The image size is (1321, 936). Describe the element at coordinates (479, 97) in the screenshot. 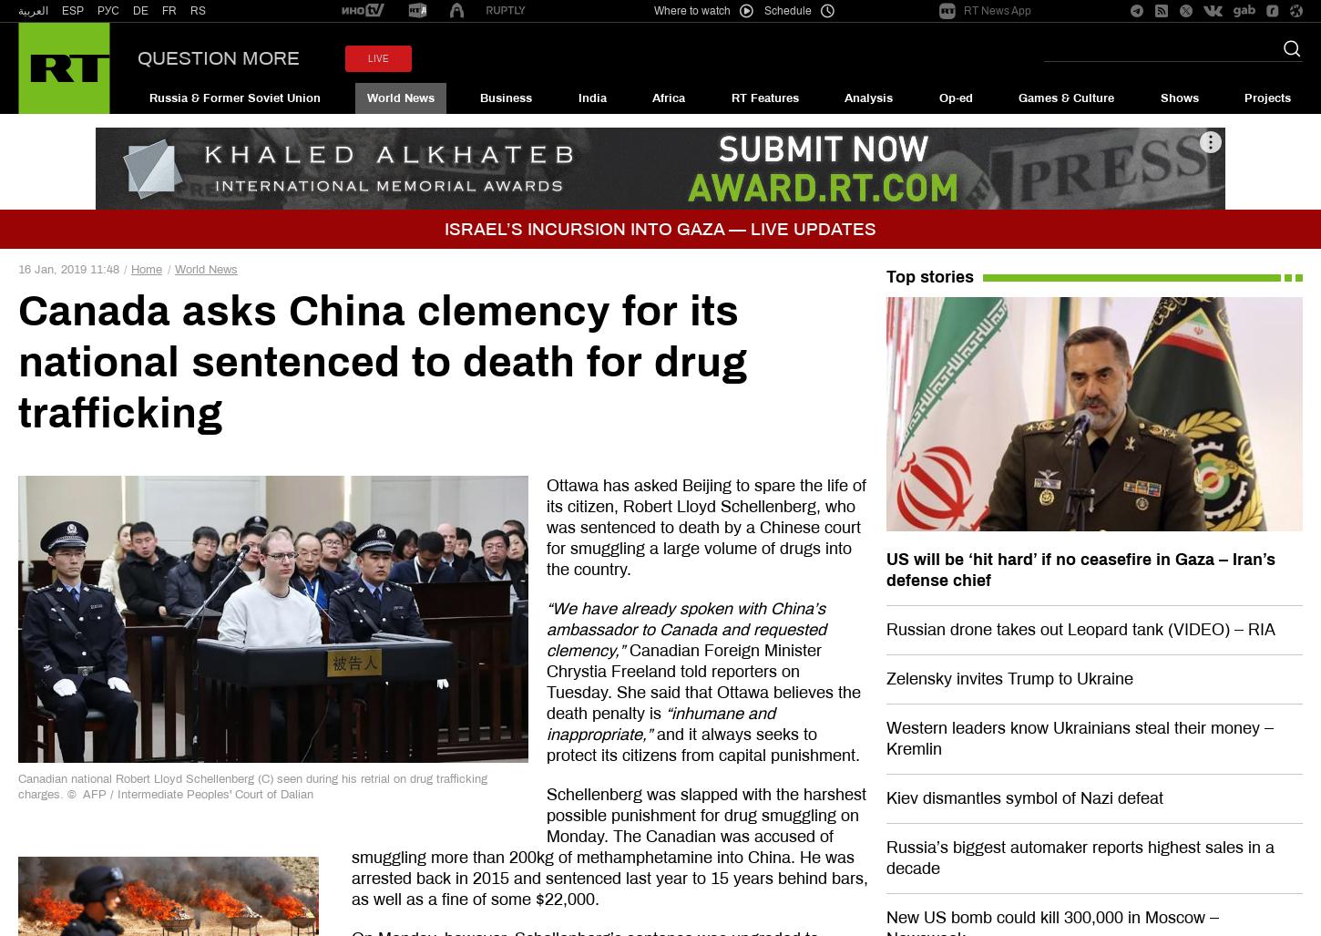

I see `'Business'` at that location.